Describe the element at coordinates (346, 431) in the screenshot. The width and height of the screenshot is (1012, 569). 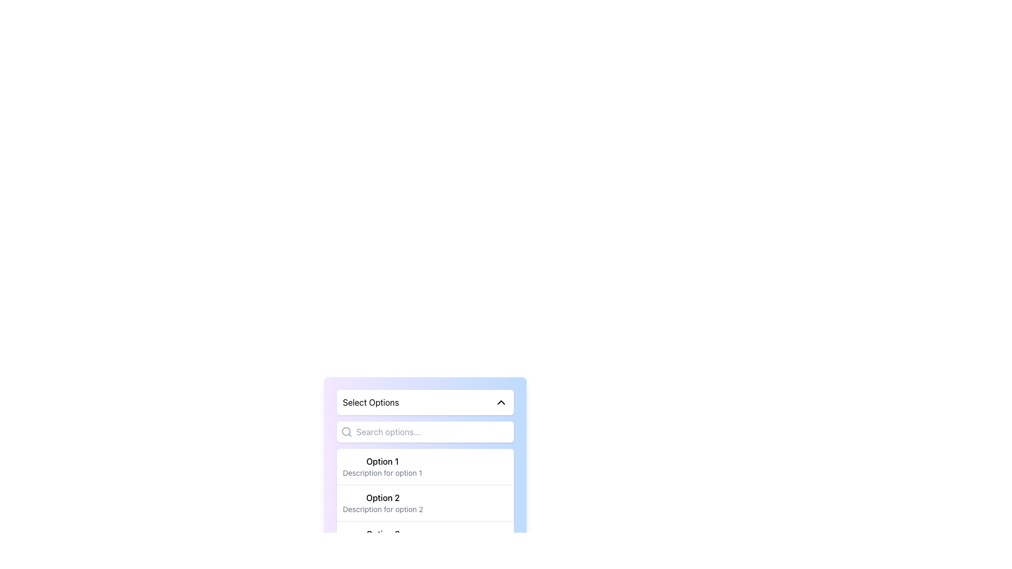
I see `the circular gray-bordered decoration within the magnifying glass icon, which is located to the left of the search input field below the 'Select Options' button` at that location.